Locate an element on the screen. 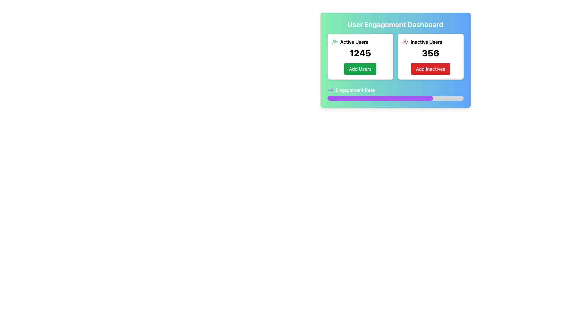 This screenshot has height=317, width=563. the progress bar that visually depicts the engagement rate, located below the 'Engagement Rate' label in the dashboard is located at coordinates (395, 98).